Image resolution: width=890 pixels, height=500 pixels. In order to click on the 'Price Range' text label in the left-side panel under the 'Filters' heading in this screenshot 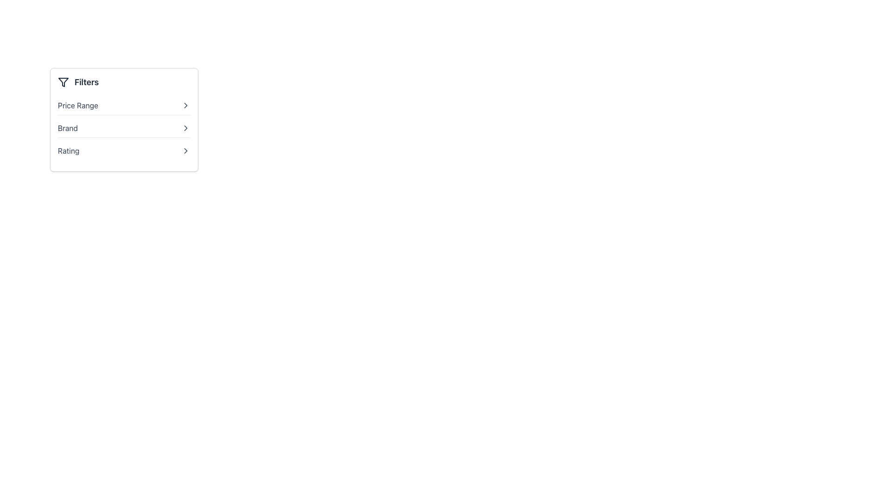, I will do `click(78, 105)`.